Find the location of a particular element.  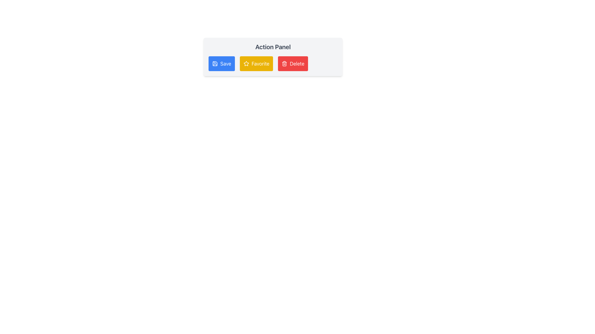

the title label that serves as a heading for the card layout, positioned at the top of the card and directly above the button elements labeled 'Save', 'Favorite', and 'Delete' is located at coordinates (273, 46).